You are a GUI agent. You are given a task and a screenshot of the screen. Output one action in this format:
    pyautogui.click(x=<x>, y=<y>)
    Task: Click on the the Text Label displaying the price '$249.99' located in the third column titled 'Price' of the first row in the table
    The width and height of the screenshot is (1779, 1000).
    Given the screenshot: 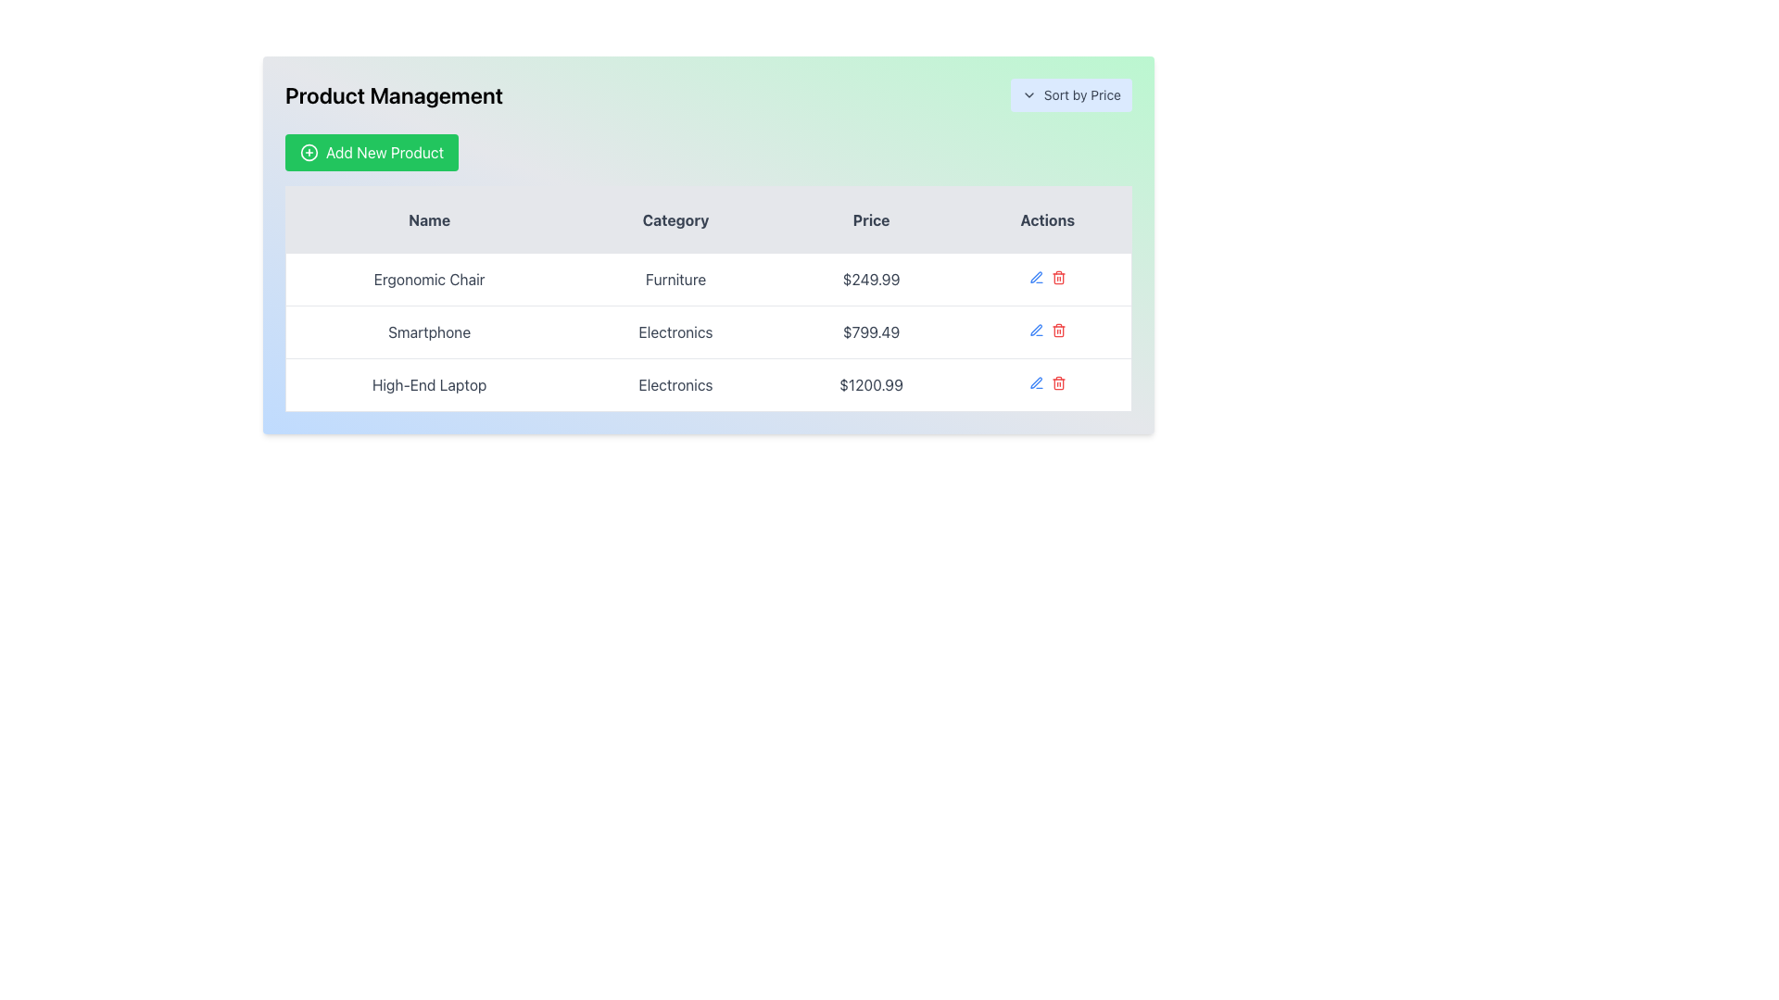 What is the action you would take?
    pyautogui.click(x=870, y=280)
    